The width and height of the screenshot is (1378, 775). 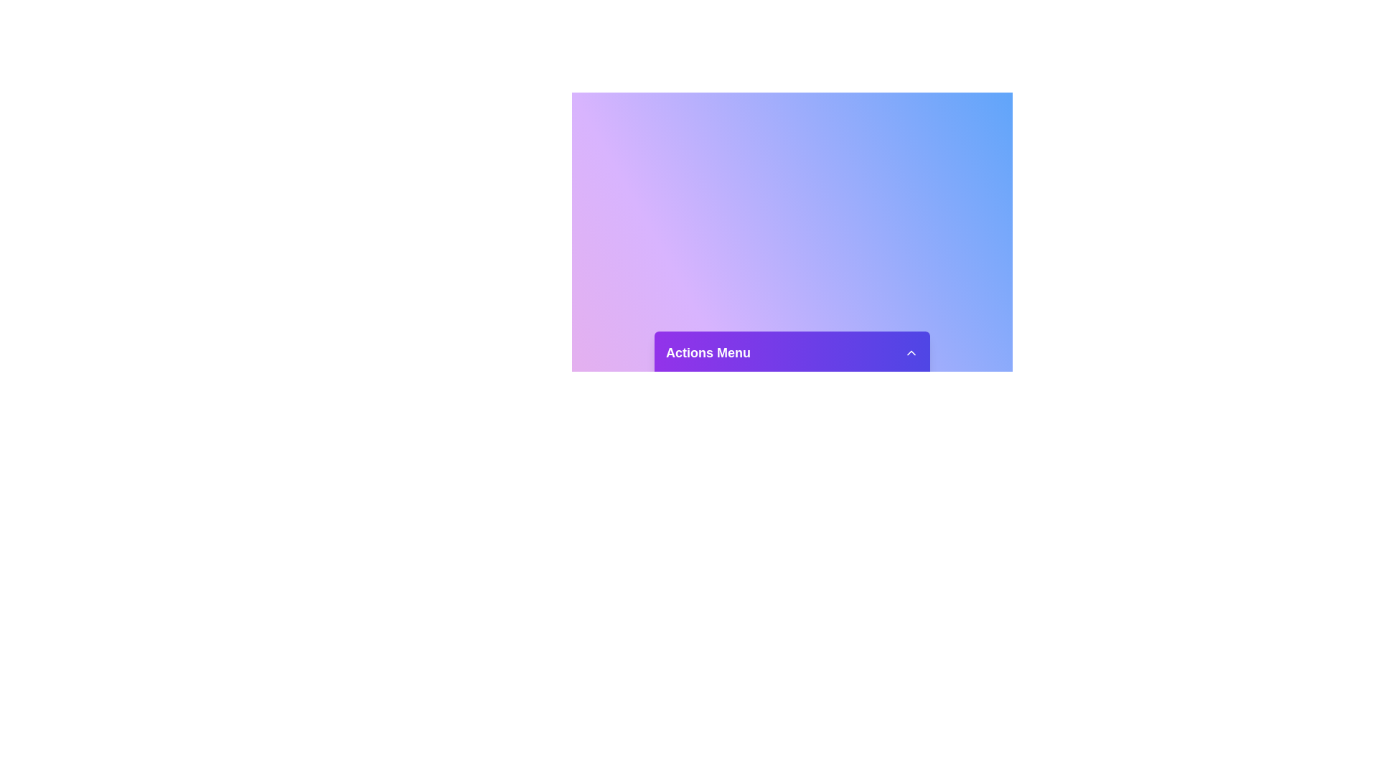 What do you see at coordinates (911, 352) in the screenshot?
I see `dropdown button to toggle the menu visibility` at bounding box center [911, 352].